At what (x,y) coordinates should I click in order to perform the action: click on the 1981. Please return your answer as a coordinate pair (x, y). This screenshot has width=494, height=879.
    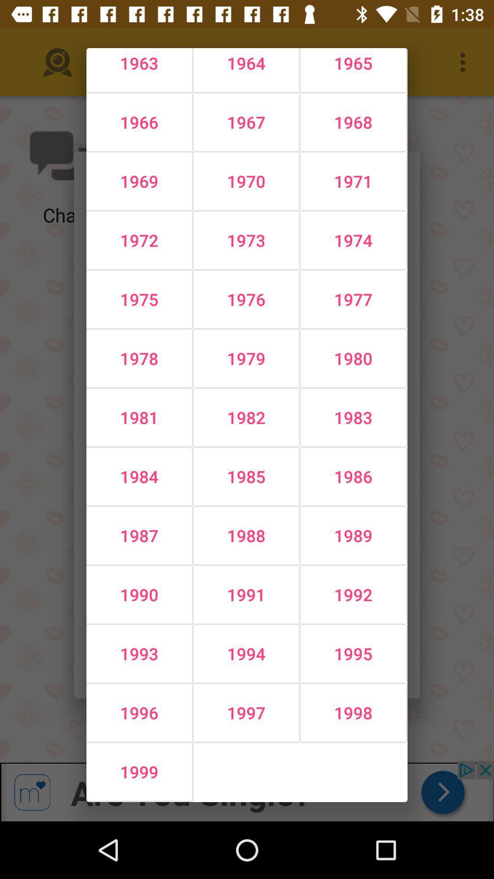
    Looking at the image, I should click on (139, 417).